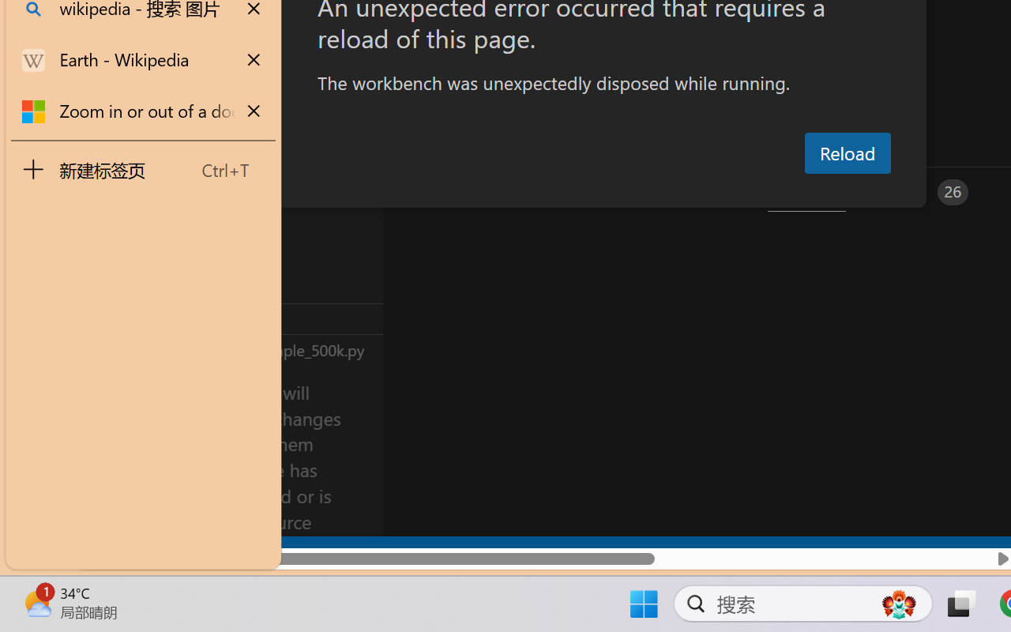  Describe the element at coordinates (261, 318) in the screenshot. I see `'Outline Section'` at that location.